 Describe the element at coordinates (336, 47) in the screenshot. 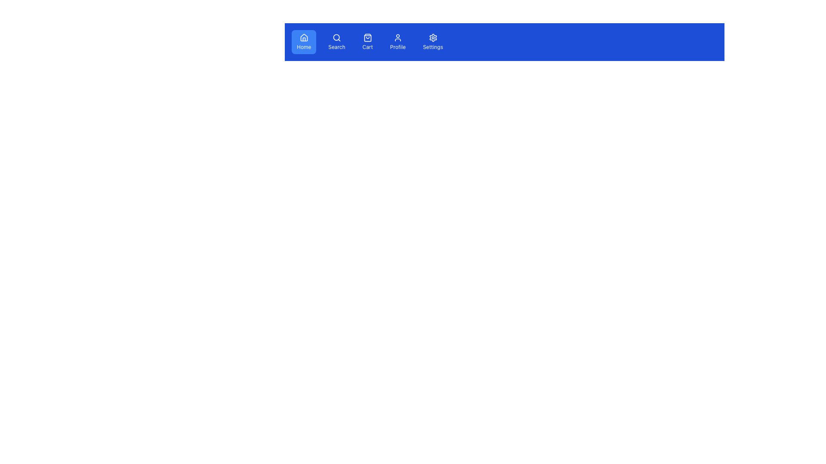

I see `the 'Search' text label located in the top navigation bar, which has a blue background and is situated below the search icon` at that location.